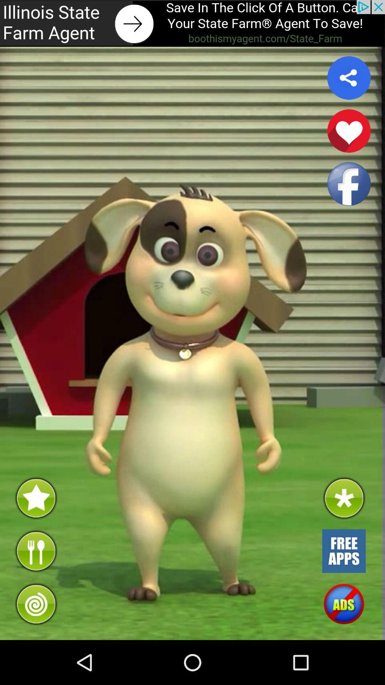 Image resolution: width=385 pixels, height=685 pixels. Describe the element at coordinates (349, 131) in the screenshot. I see `favorite` at that location.